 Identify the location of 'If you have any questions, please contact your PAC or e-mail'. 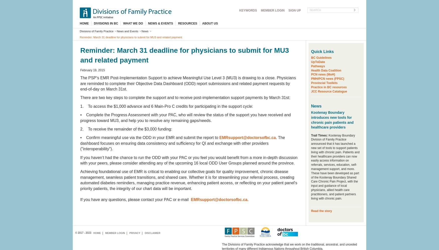
(135, 199).